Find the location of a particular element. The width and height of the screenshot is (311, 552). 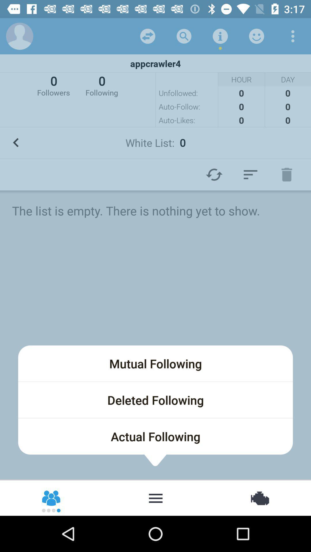

the mutual following is located at coordinates (155, 363).